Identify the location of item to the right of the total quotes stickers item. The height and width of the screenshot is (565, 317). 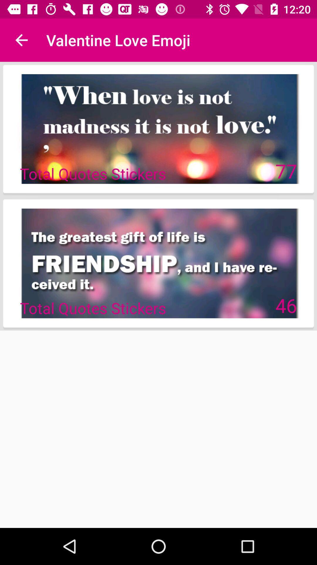
(286, 170).